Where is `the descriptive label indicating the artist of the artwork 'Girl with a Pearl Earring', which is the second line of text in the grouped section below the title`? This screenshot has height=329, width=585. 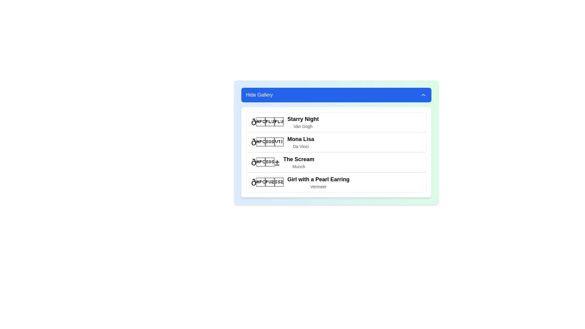
the descriptive label indicating the artist of the artwork 'Girl with a Pearl Earring', which is the second line of text in the grouped section below the title is located at coordinates (318, 186).